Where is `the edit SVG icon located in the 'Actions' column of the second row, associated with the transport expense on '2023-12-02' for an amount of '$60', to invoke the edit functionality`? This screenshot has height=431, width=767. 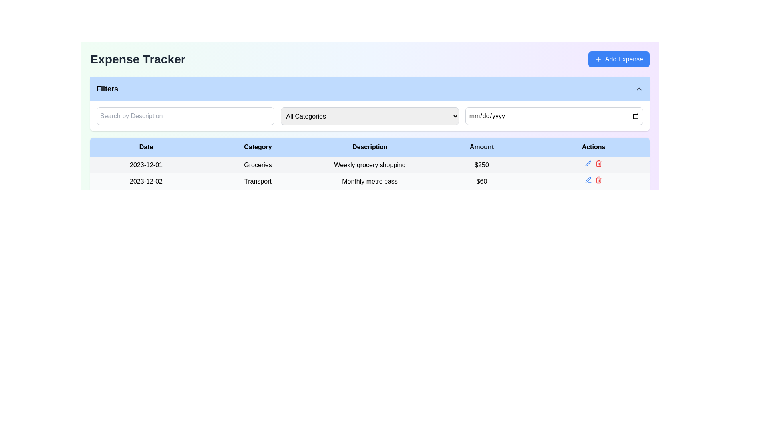
the edit SVG icon located in the 'Actions' column of the second row, associated with the transport expense on '2023-12-02' for an amount of '$60', to invoke the edit functionality is located at coordinates (588, 180).